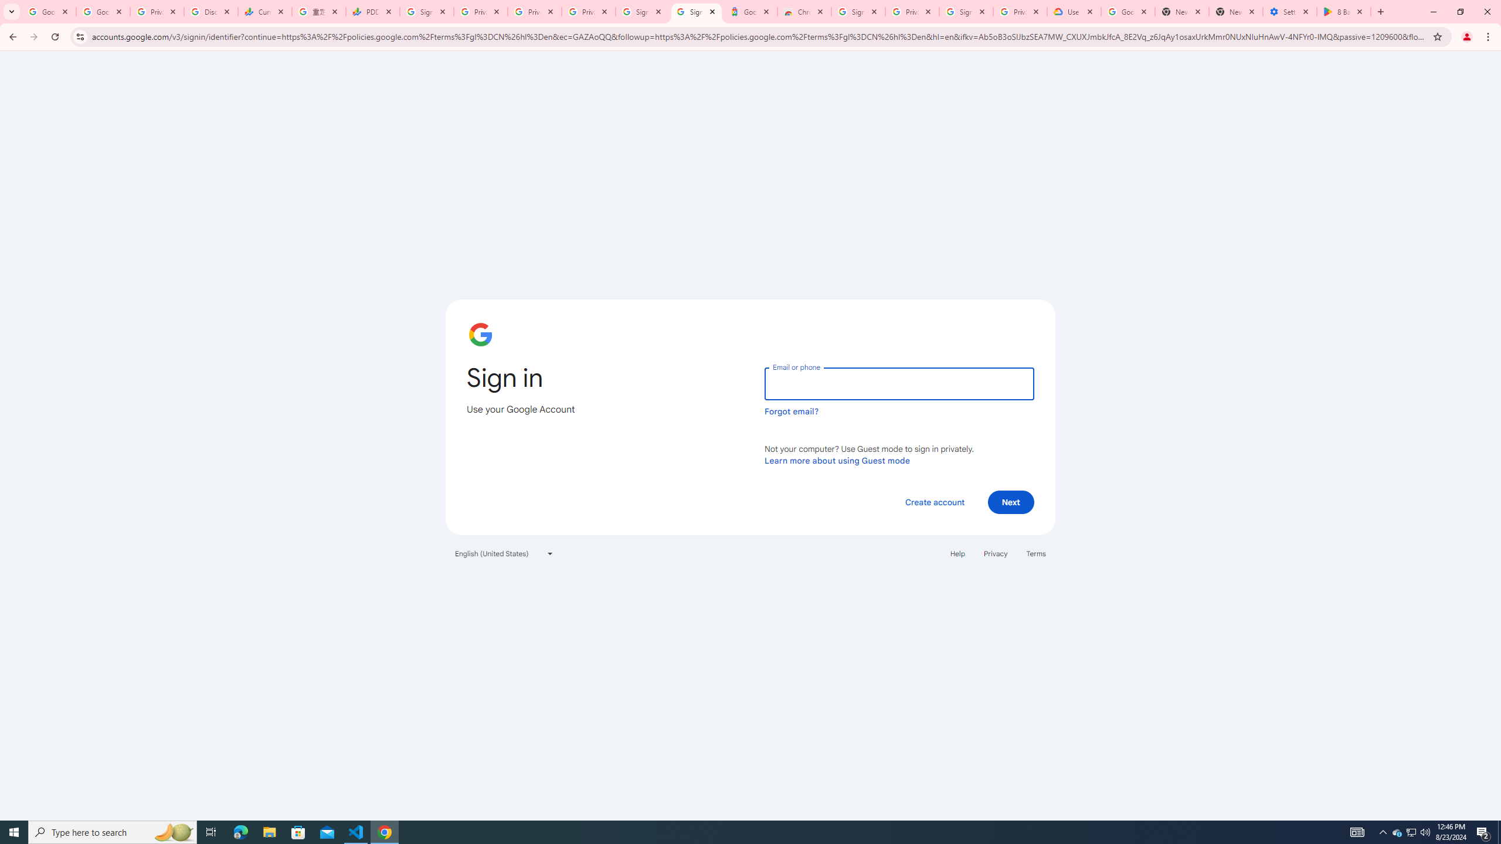  Describe the element at coordinates (791, 411) in the screenshot. I see `'Forgot email?'` at that location.